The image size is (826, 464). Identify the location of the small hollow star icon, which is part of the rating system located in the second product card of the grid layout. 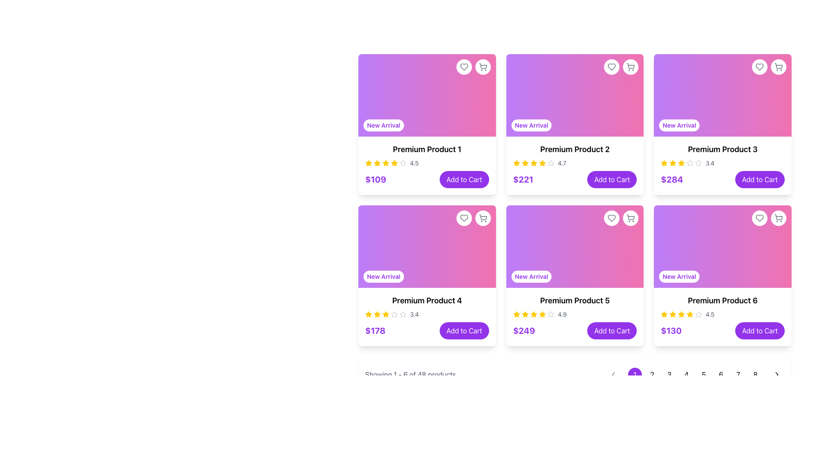
(551, 163).